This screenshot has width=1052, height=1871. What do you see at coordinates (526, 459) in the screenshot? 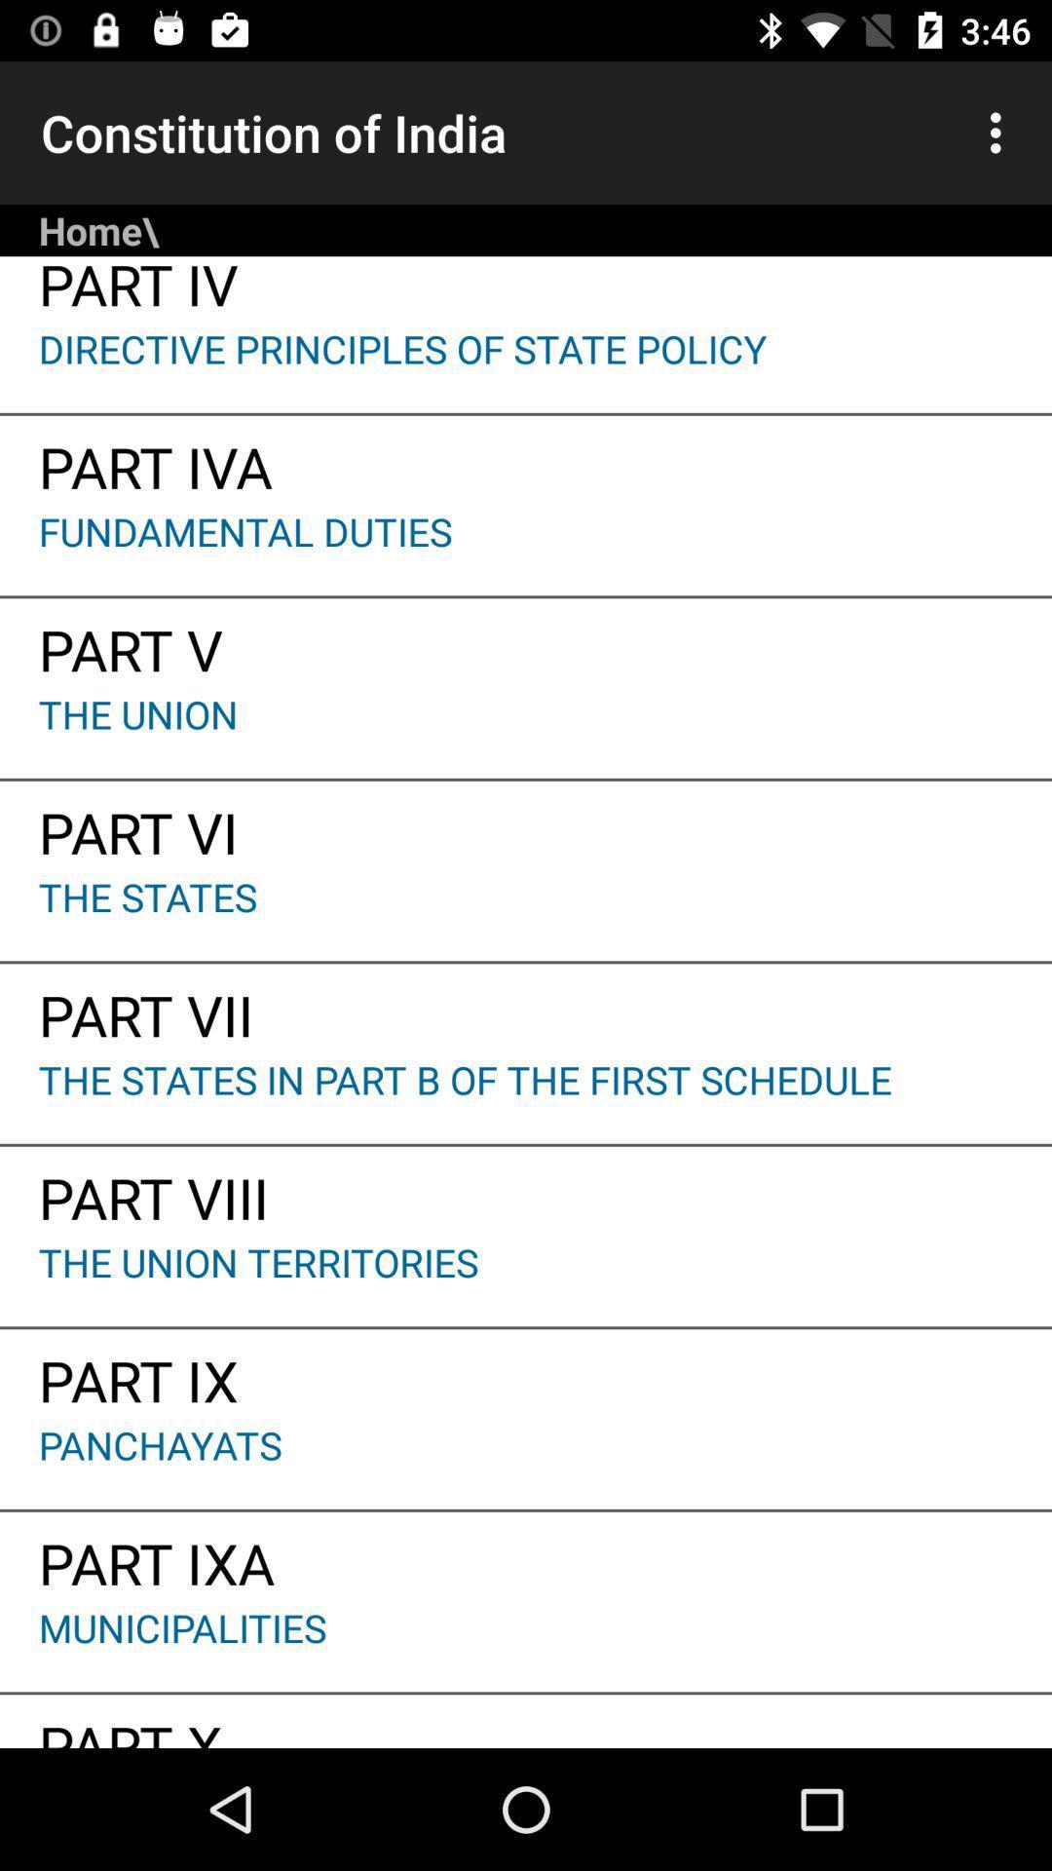
I see `part iva item` at bounding box center [526, 459].